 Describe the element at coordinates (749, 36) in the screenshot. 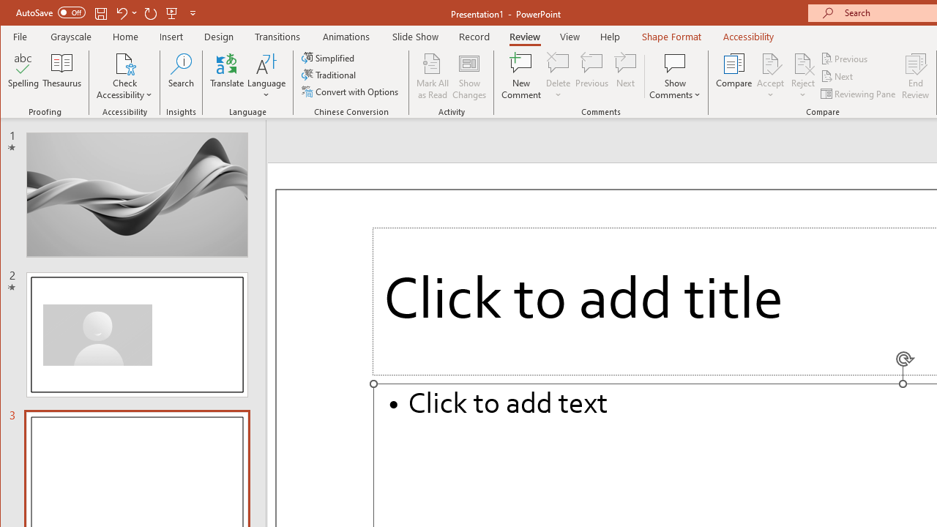

I see `'Accessibility'` at that location.